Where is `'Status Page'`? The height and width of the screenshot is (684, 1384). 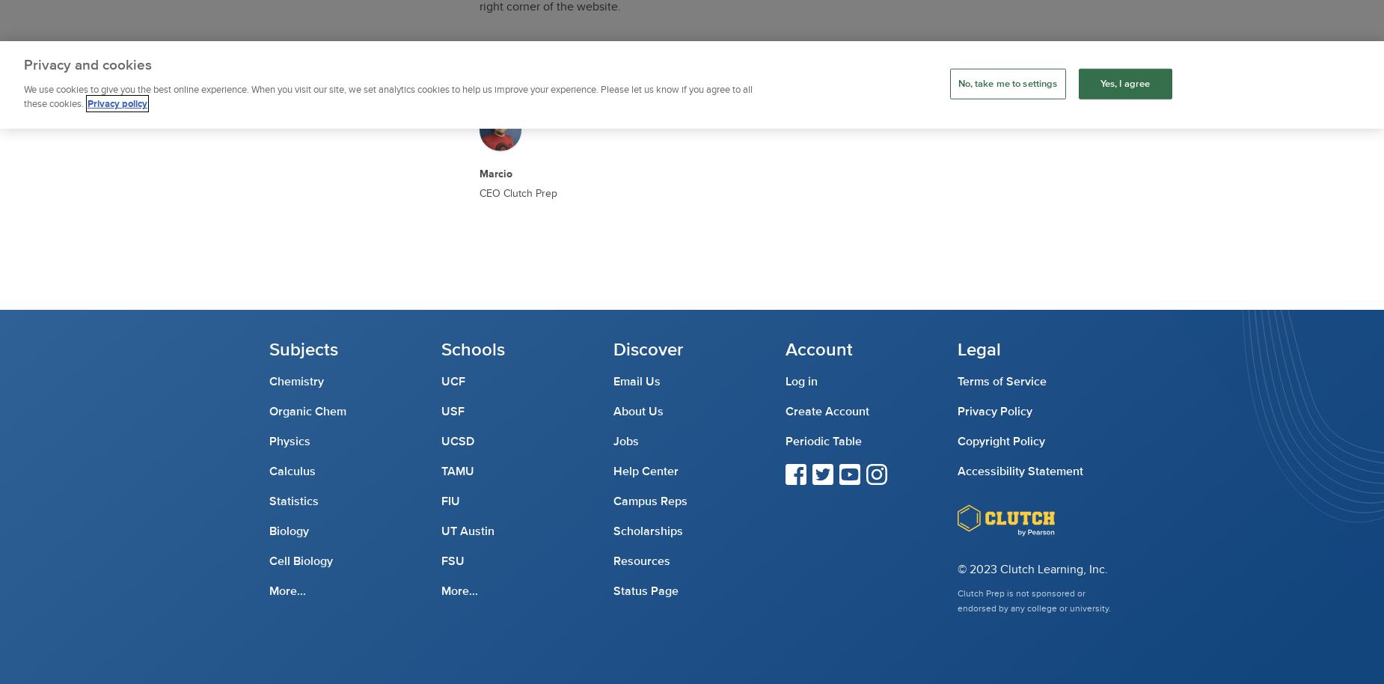 'Status Page' is located at coordinates (646, 590).